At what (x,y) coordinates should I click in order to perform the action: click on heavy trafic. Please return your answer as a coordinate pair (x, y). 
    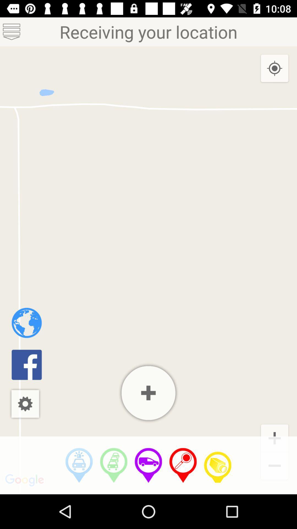
    Looking at the image, I should click on (113, 465).